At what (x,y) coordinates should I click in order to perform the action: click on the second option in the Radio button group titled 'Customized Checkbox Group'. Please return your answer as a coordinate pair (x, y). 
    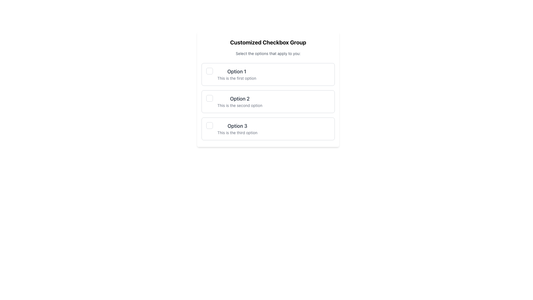
    Looking at the image, I should click on (268, 102).